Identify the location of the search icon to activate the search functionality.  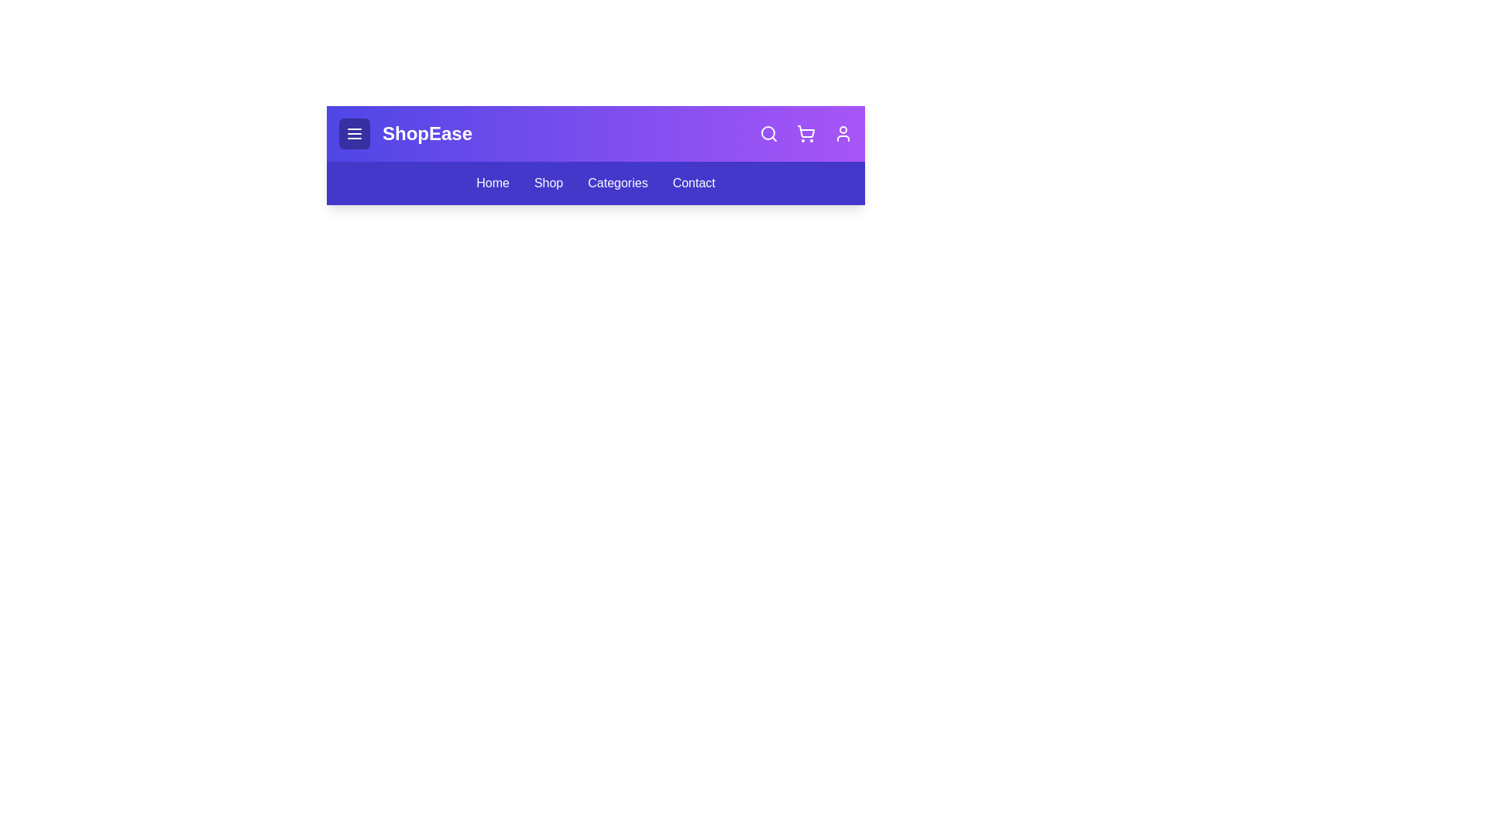
(769, 133).